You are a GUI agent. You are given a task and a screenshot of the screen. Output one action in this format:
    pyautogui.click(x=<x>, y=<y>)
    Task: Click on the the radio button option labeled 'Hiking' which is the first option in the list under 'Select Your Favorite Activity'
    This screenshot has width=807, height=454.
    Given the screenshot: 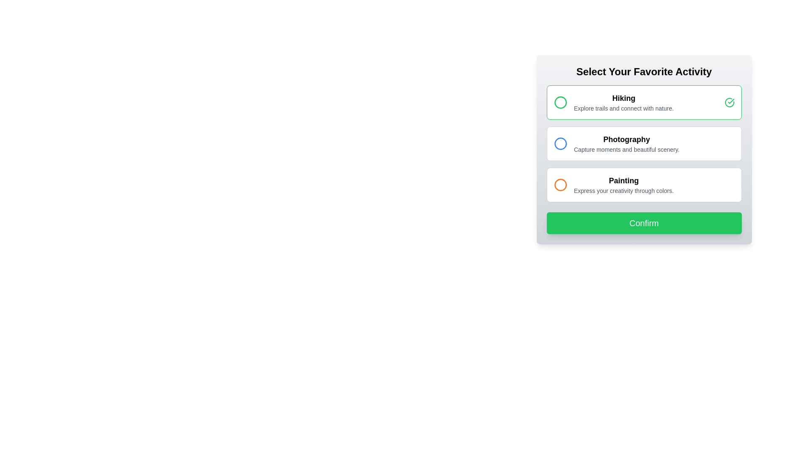 What is the action you would take?
    pyautogui.click(x=643, y=102)
    